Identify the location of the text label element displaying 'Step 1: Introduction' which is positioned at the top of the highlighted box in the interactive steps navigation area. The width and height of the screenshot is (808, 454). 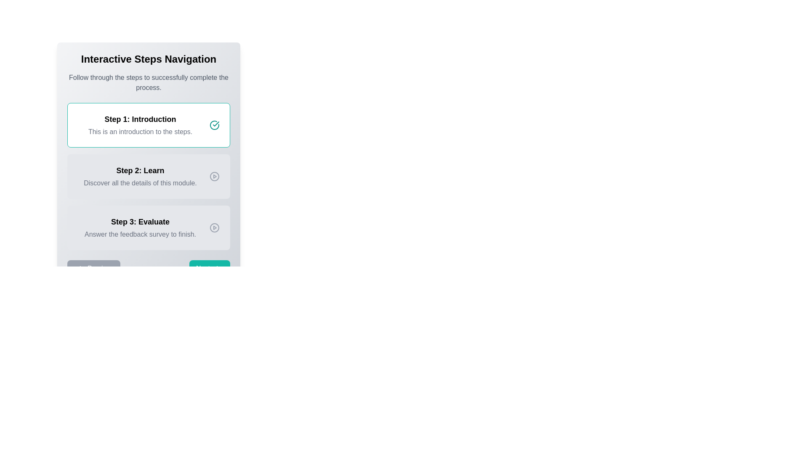
(140, 119).